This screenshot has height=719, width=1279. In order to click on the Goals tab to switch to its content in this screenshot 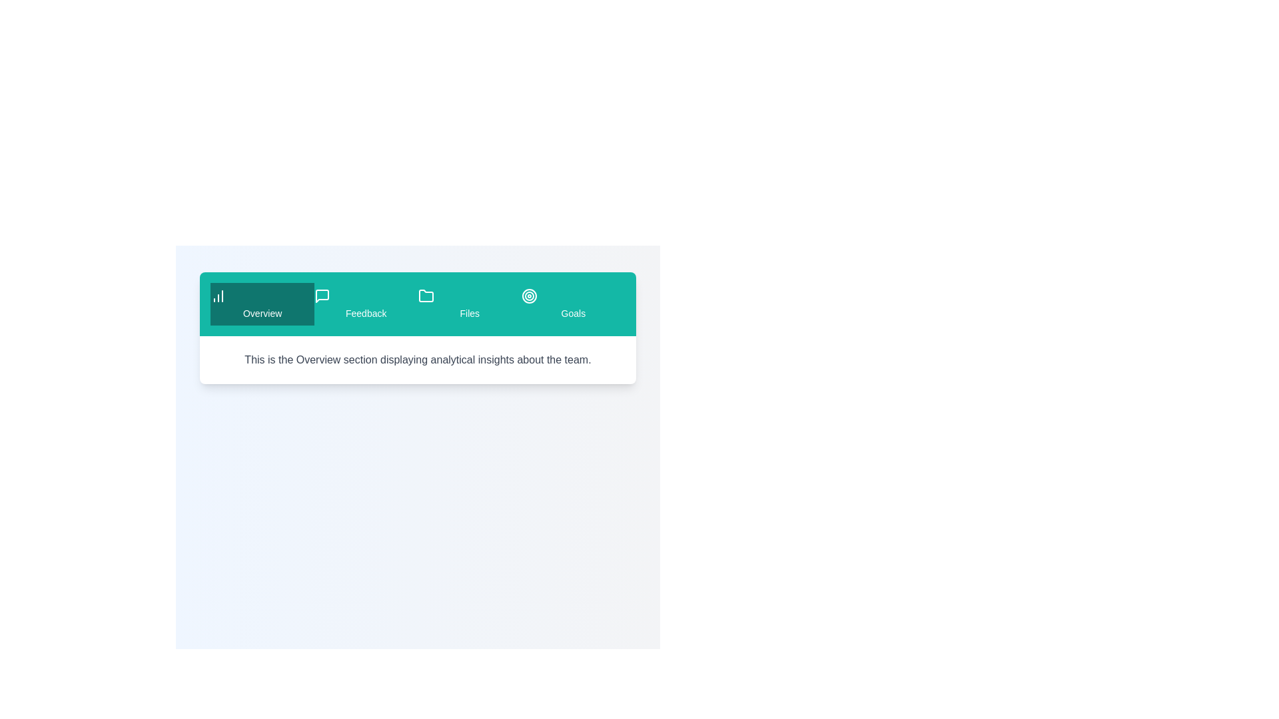, I will do `click(572, 304)`.